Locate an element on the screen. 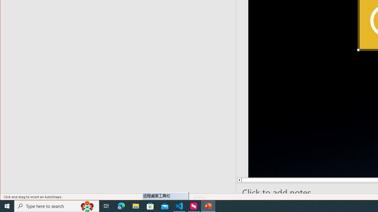 The height and width of the screenshot is (212, 378). 'Search highlights icon opens search home window' is located at coordinates (87, 206).